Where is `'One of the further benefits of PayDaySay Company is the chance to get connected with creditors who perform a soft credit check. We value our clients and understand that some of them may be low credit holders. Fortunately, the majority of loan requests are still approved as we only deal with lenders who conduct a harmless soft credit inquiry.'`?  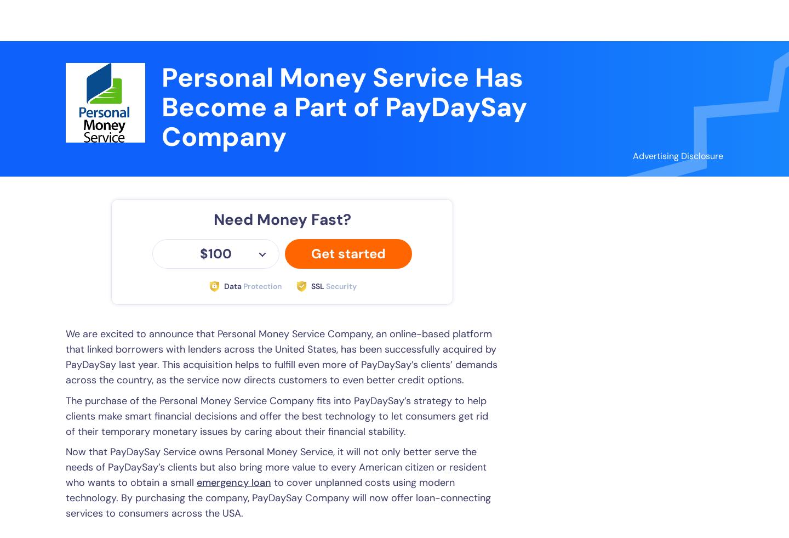 'One of the further benefits of PayDaySay Company is the chance to get connected with creditors who perform a soft credit check. We value our clients and understand that some of them may be low credit holders. Fortunately, the majority of loan requests are still approved as we only deal with lenders who conduct a harmless soft credit inquiry.' is located at coordinates (277, 179).